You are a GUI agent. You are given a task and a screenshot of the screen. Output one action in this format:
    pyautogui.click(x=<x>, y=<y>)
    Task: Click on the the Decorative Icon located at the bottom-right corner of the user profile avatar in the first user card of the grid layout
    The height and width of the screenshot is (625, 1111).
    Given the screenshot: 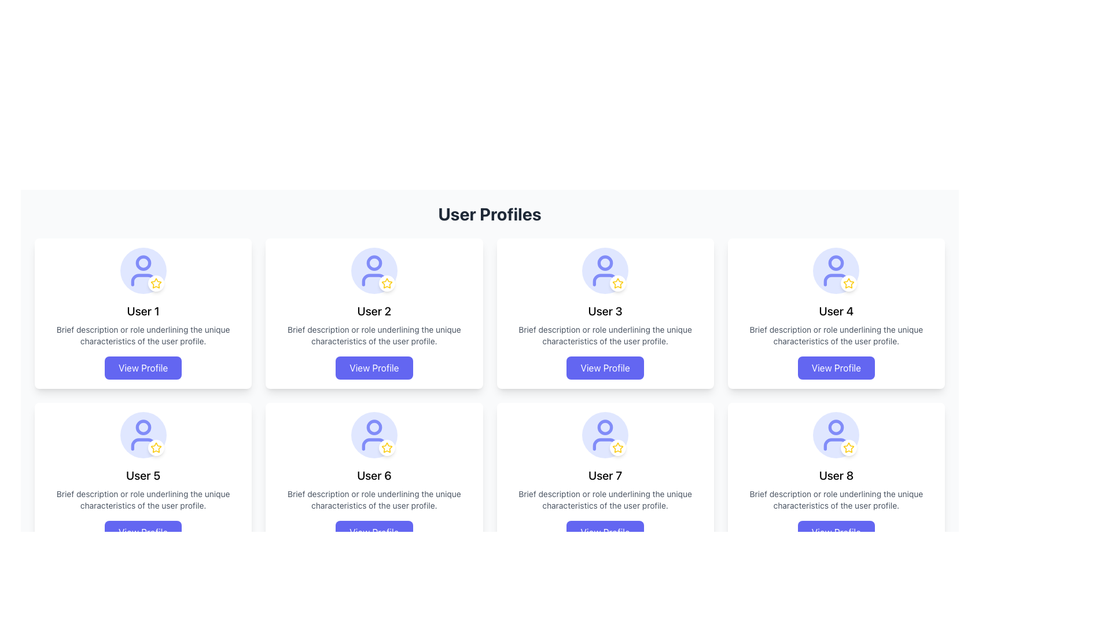 What is the action you would take?
    pyautogui.click(x=155, y=283)
    